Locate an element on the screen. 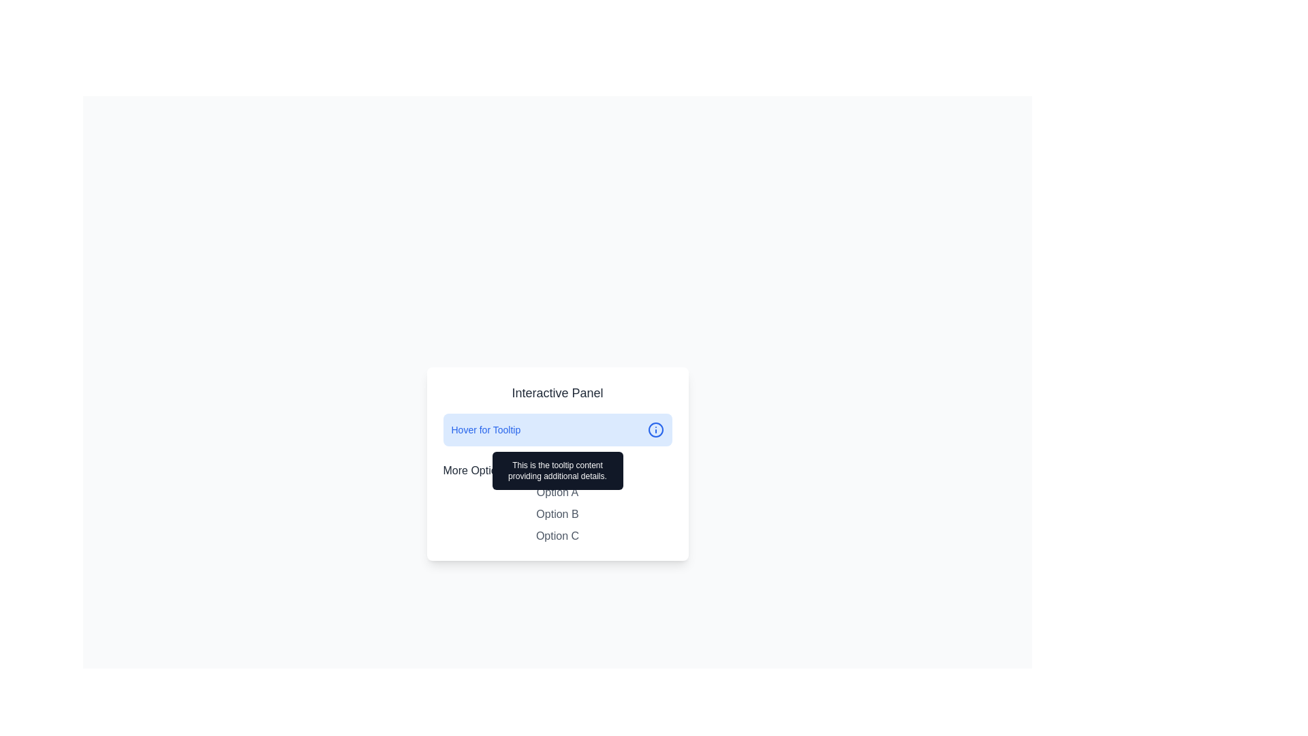 The height and width of the screenshot is (736, 1308). the tooltip that appears below the 'Hover for Tooltip' button, which contains the message 'This is the tooltip content providing additional details.' is located at coordinates (557, 470).